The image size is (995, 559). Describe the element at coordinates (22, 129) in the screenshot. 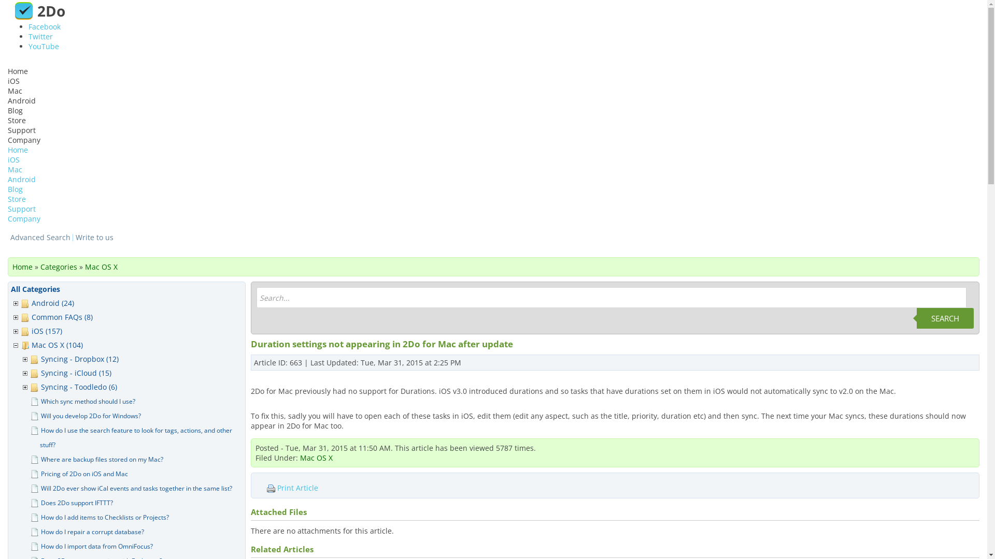

I see `'Support'` at that location.